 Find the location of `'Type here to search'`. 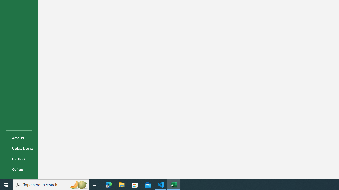

'Type here to search' is located at coordinates (51, 184).